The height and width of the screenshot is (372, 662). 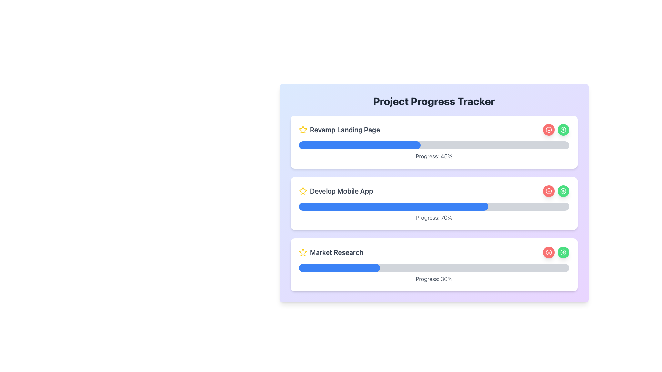 I want to click on the text label 'Develop Mobile App' in the project task list, so click(x=336, y=191).